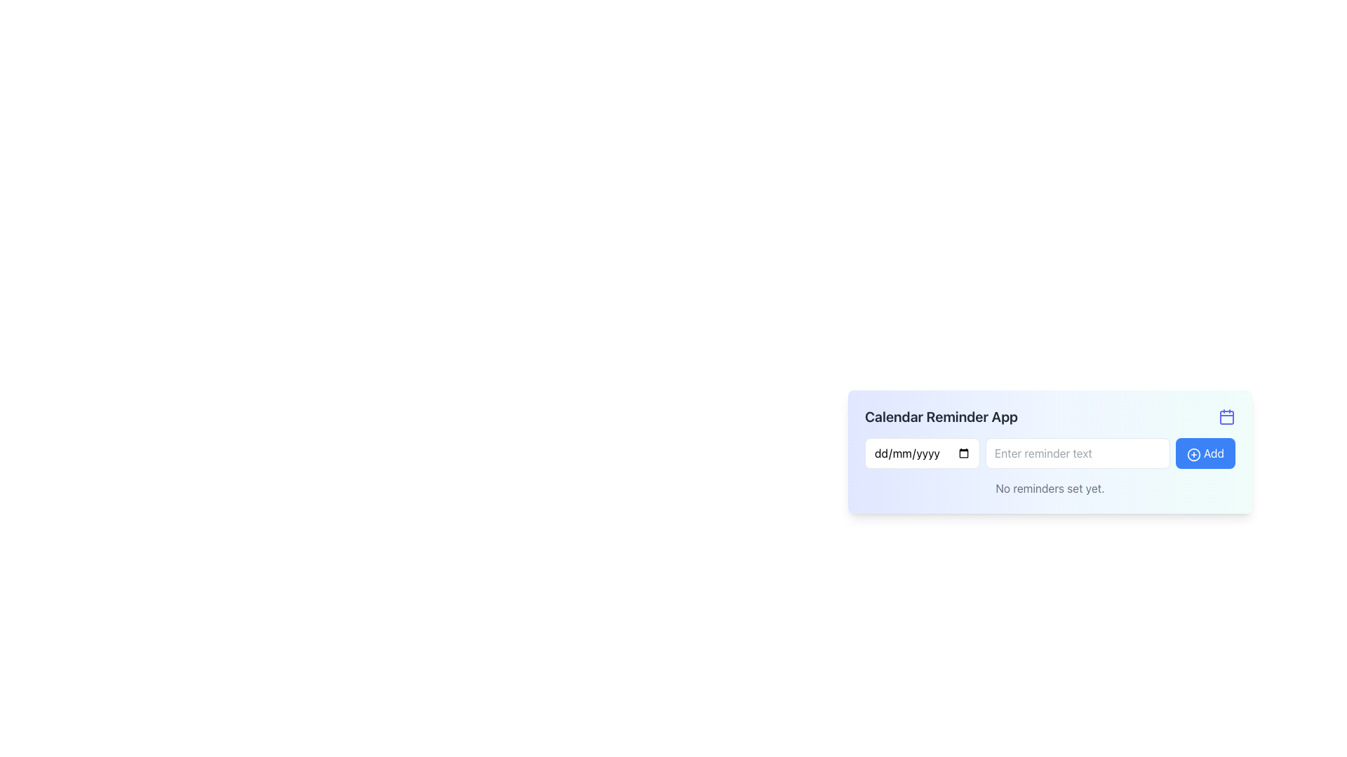  Describe the element at coordinates (1226, 417) in the screenshot. I see `the SVG rectangle element that represents the inner content area of the calendar icon` at that location.